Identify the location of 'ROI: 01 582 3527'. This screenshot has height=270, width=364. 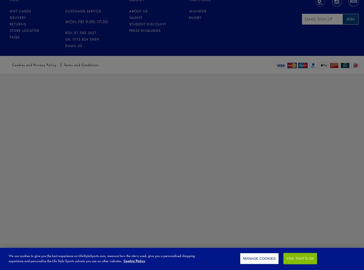
(80, 32).